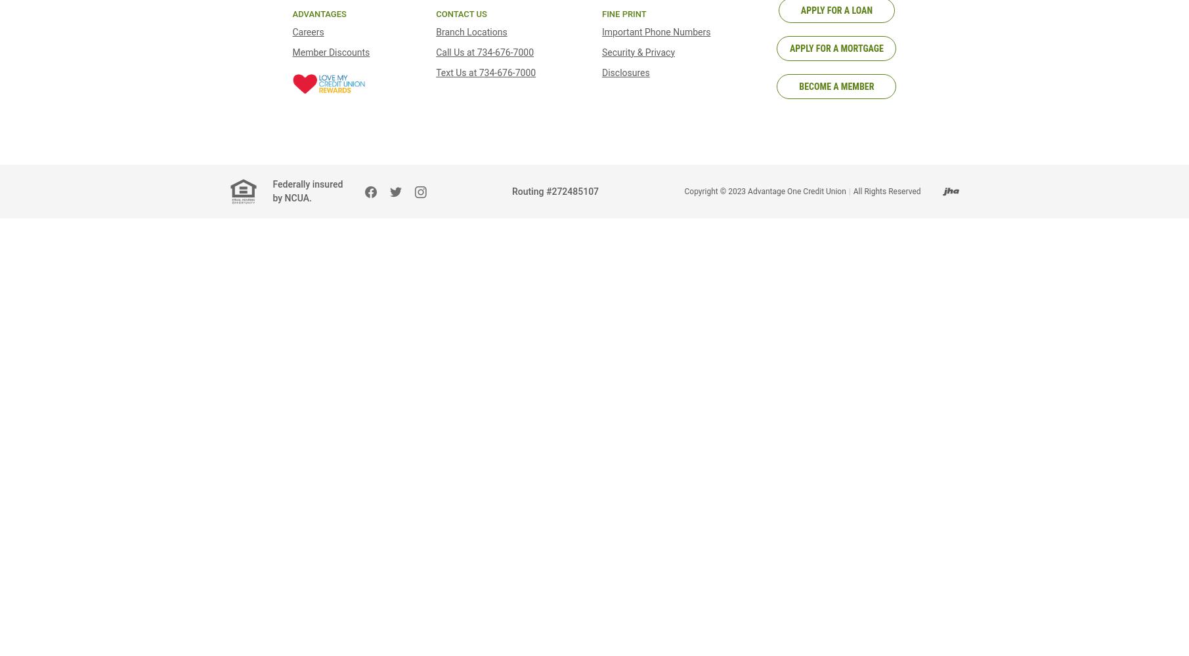 The height and width of the screenshot is (656, 1189). Describe the element at coordinates (485, 72) in the screenshot. I see `'Text Us at 734-676-7000'` at that location.